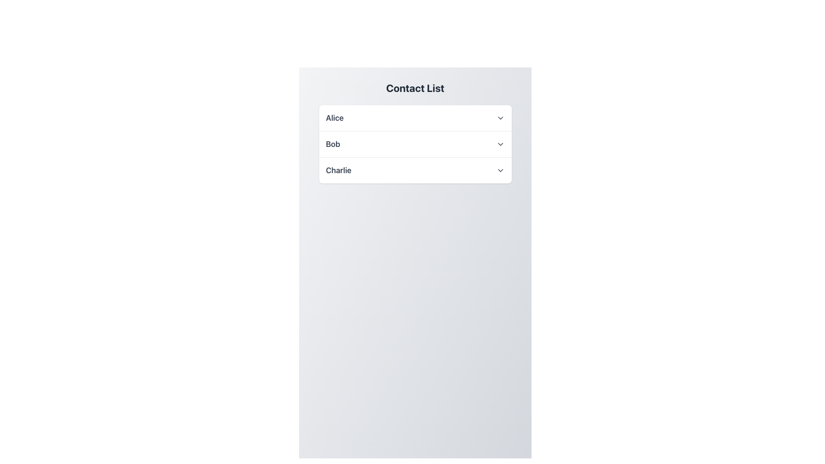 Image resolution: width=825 pixels, height=464 pixels. Describe the element at coordinates (415, 171) in the screenshot. I see `the dropdown menu item labeled 'Charlie' located at the bottom of the 'Contact List'` at that location.